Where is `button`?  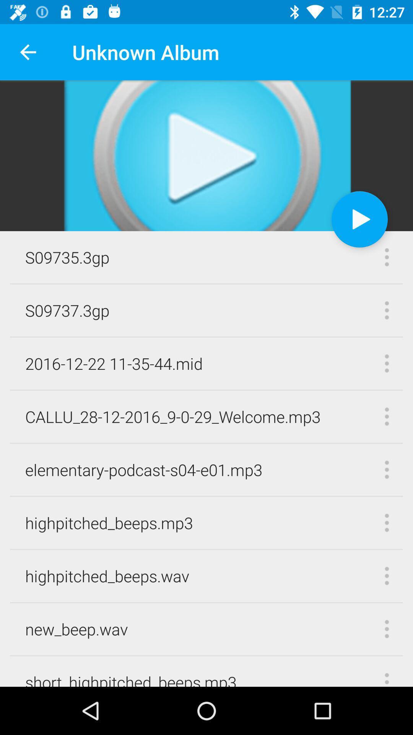 button is located at coordinates (359, 219).